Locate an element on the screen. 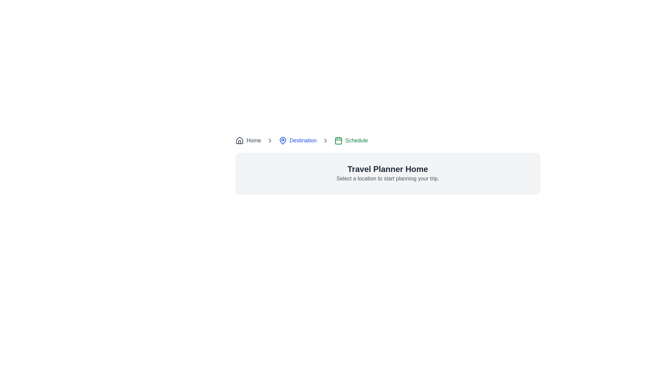 The image size is (652, 367). the chevron icon in the navigation breadcrumb, which separates the 'Destination' link from the 'Schedule' link is located at coordinates (269, 140).